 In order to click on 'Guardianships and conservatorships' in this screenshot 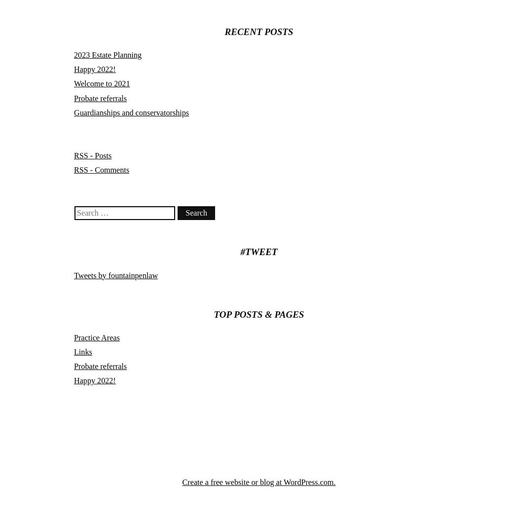, I will do `click(74, 111)`.